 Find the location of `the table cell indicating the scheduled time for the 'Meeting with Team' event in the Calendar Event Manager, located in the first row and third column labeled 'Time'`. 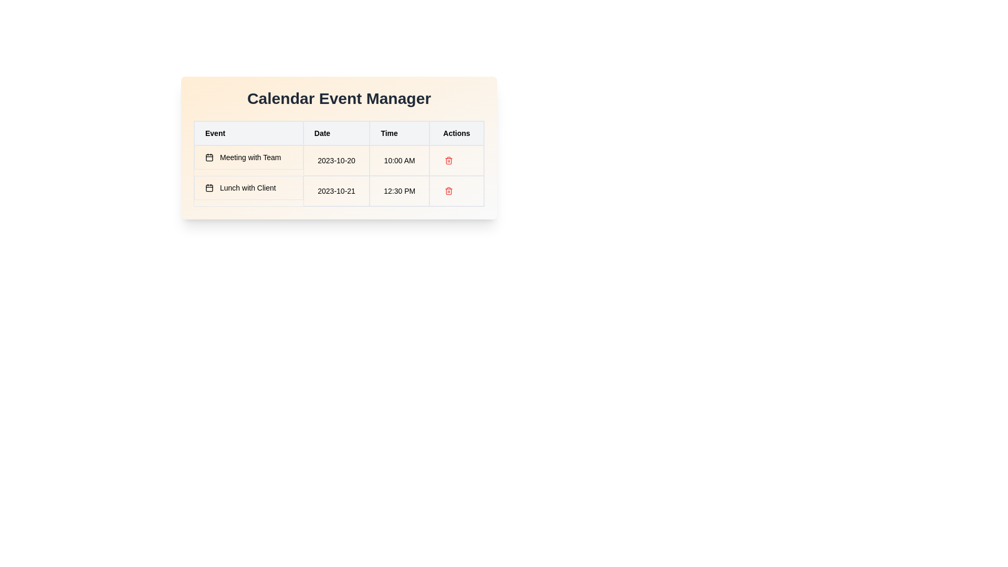

the table cell indicating the scheduled time for the 'Meeting with Team' event in the Calendar Event Manager, located in the first row and third column labeled 'Time' is located at coordinates (399, 160).